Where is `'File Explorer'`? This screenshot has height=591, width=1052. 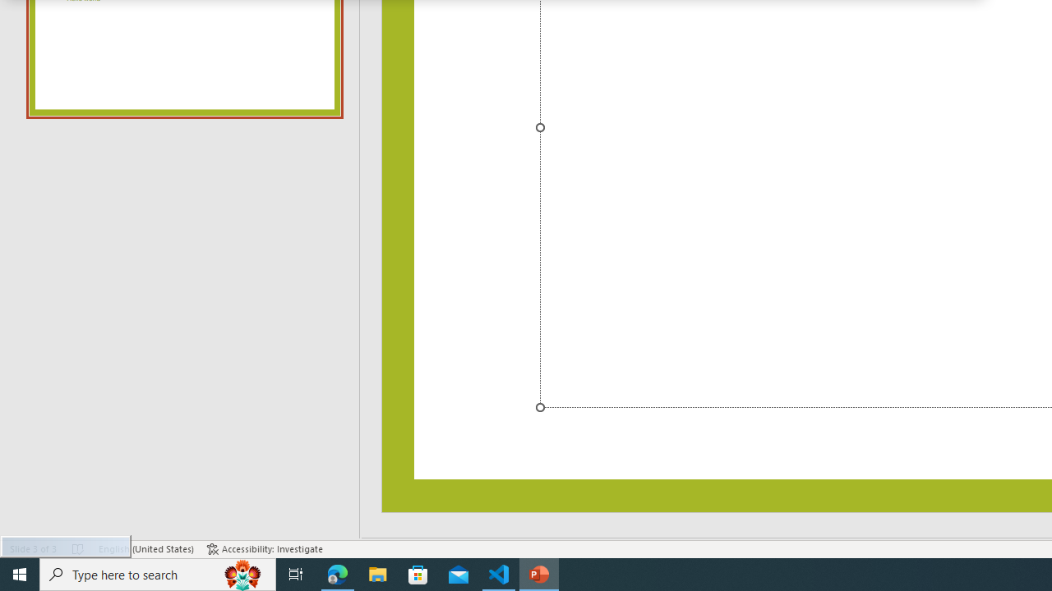 'File Explorer' is located at coordinates (377, 573).